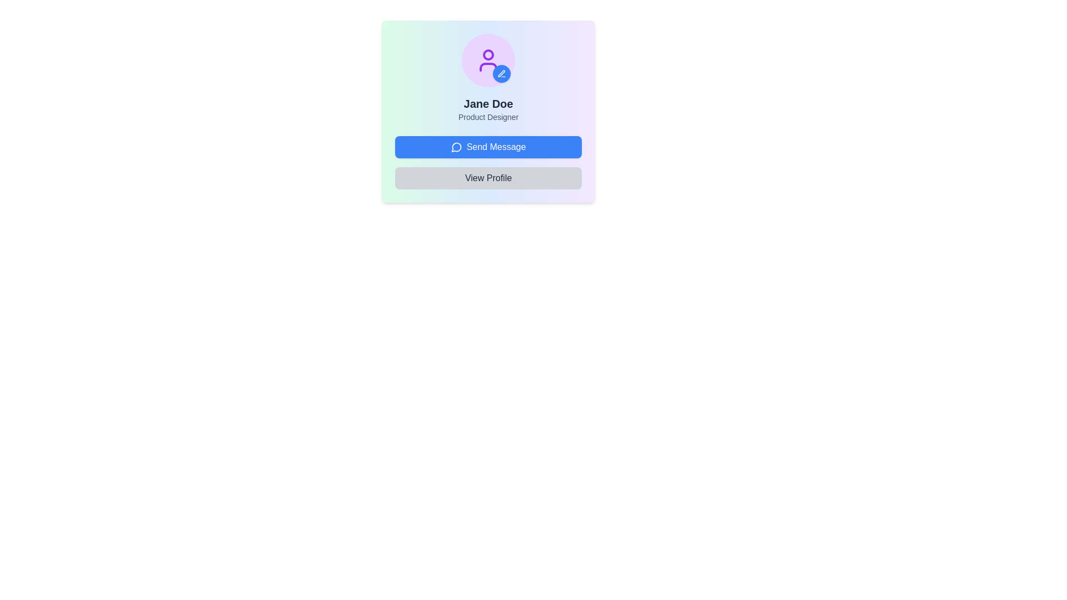 The height and width of the screenshot is (600, 1067). I want to click on the Text label that informs users about the 'Send Message' button, which is located within a blue button and positioned above a grey 'View Profile' button, so click(495, 147).